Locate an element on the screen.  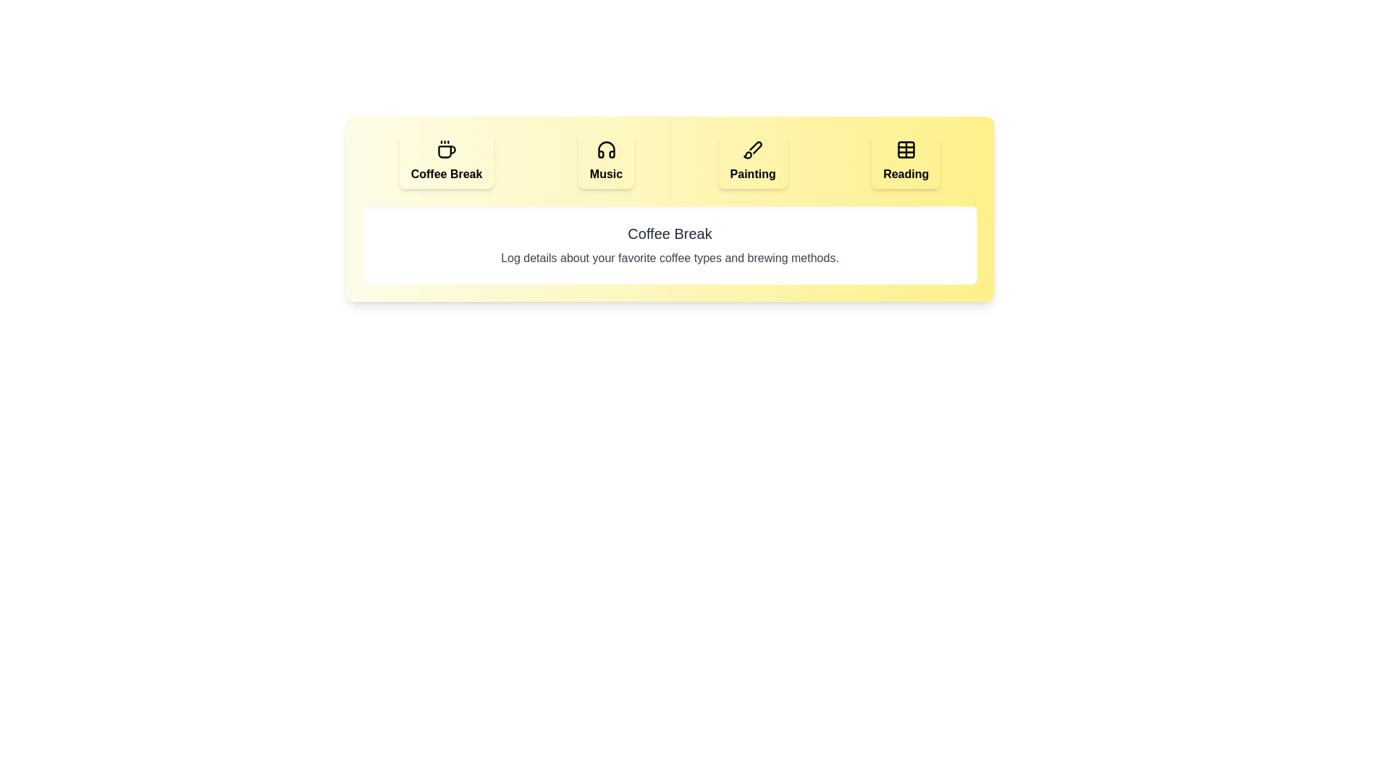
the 'Coffee Break' text label in the first tab of the horizontal navigation bar, which is positioned below a coffee cup icon and serves as a title for this section is located at coordinates (446, 173).